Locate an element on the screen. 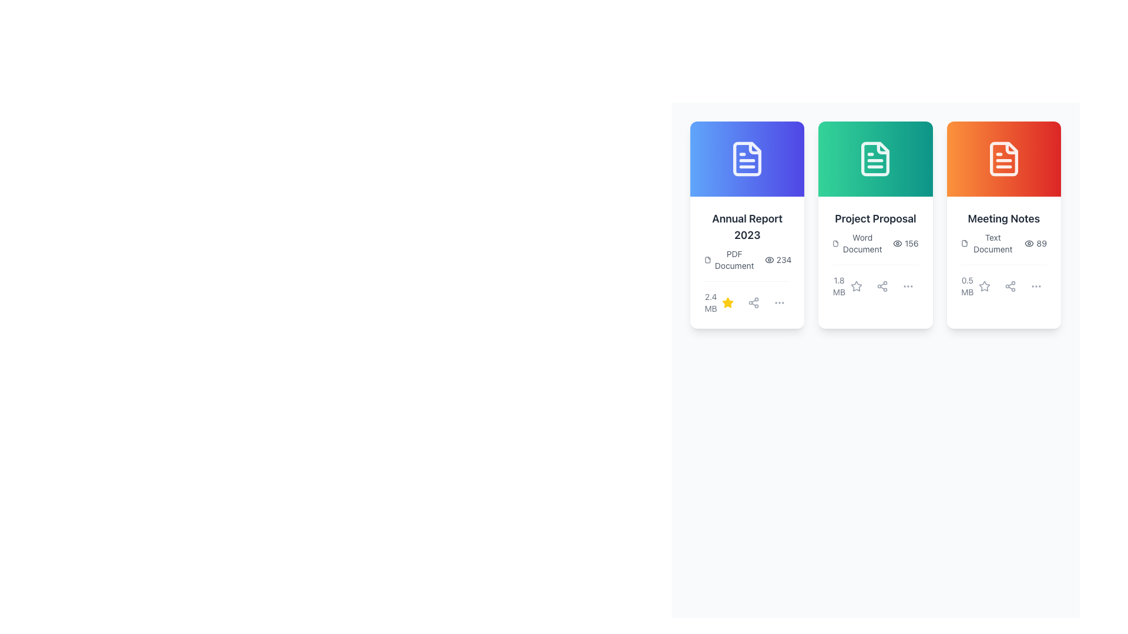 This screenshot has width=1128, height=634. the 'Meeting Notes' document icon, which is visually represented as a text document and located at the top-center of the third card in a horizontally aligned group is located at coordinates (1003, 158).